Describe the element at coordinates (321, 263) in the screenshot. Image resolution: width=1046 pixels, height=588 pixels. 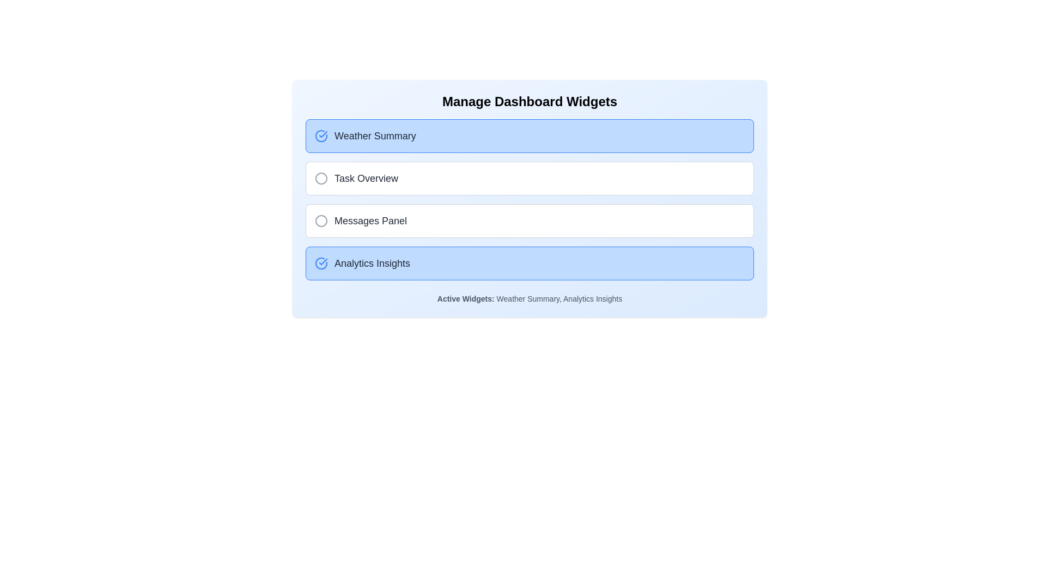
I see `the circular blue checkmark icon located to the left of the 'Analytics Insights' text` at that location.